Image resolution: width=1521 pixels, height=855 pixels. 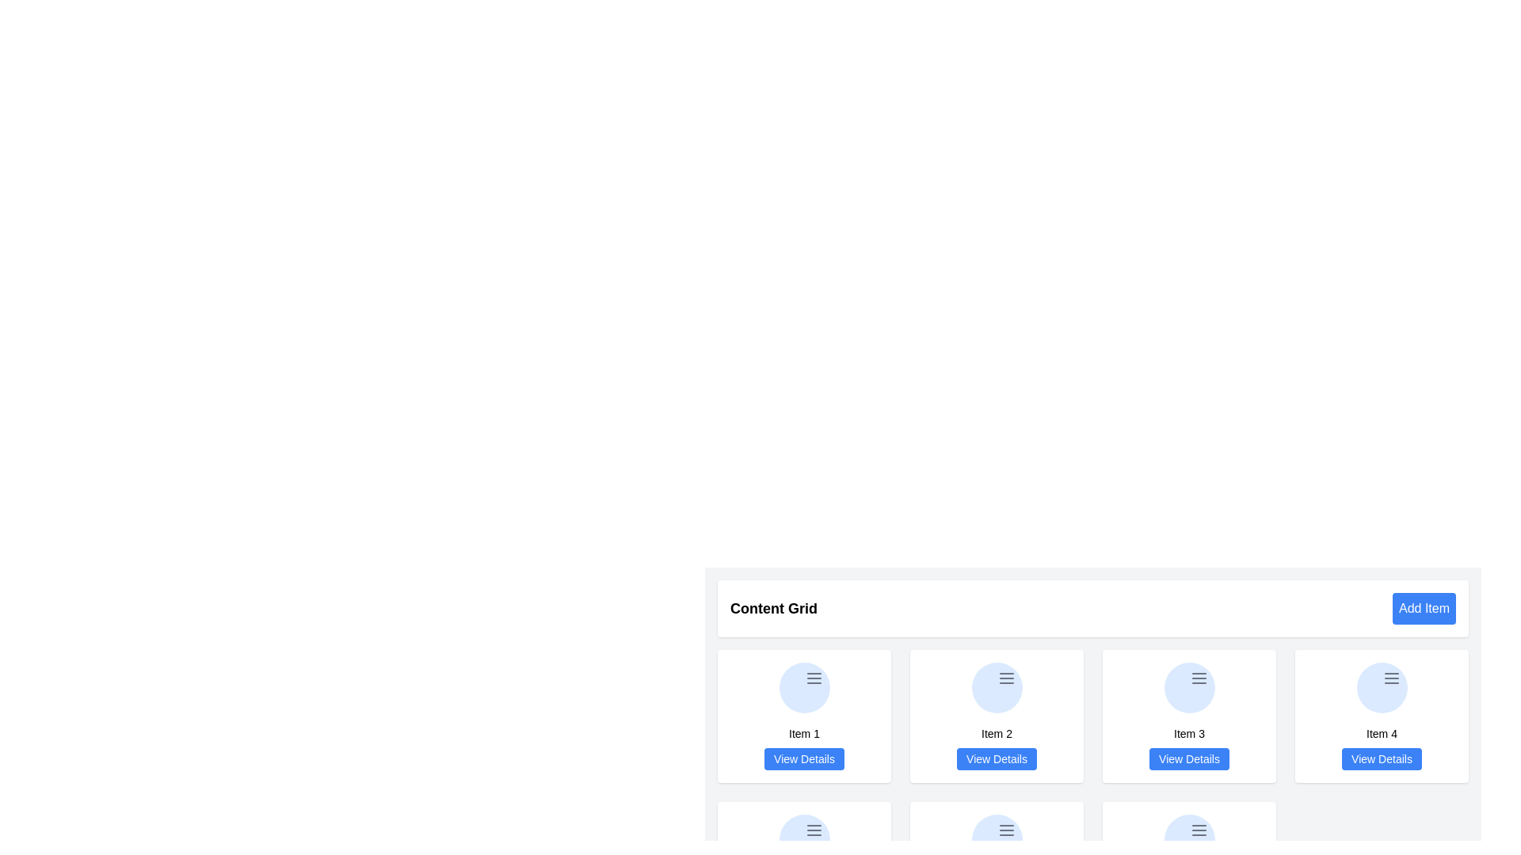 I want to click on the 'View Details' button on the card displaying 'Item 2', which is located in the top row, second column of the grid layout, so click(x=996, y=716).